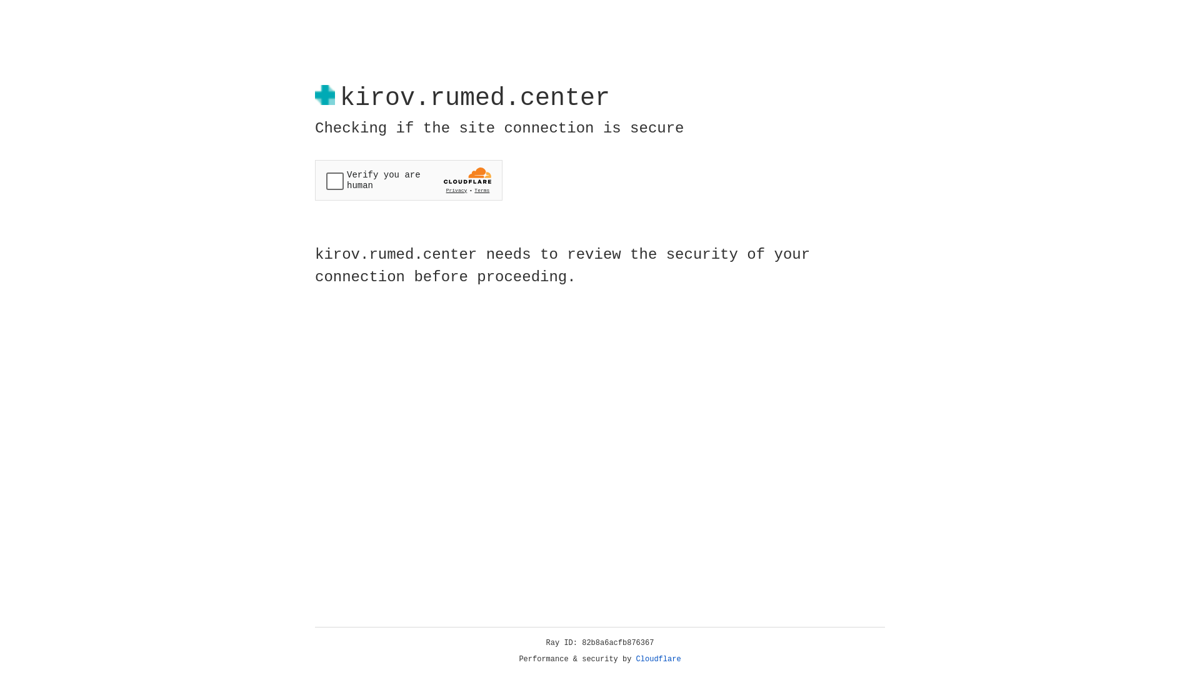  Describe the element at coordinates (408, 180) in the screenshot. I see `'Widget containing a Cloudflare security challenge'` at that location.